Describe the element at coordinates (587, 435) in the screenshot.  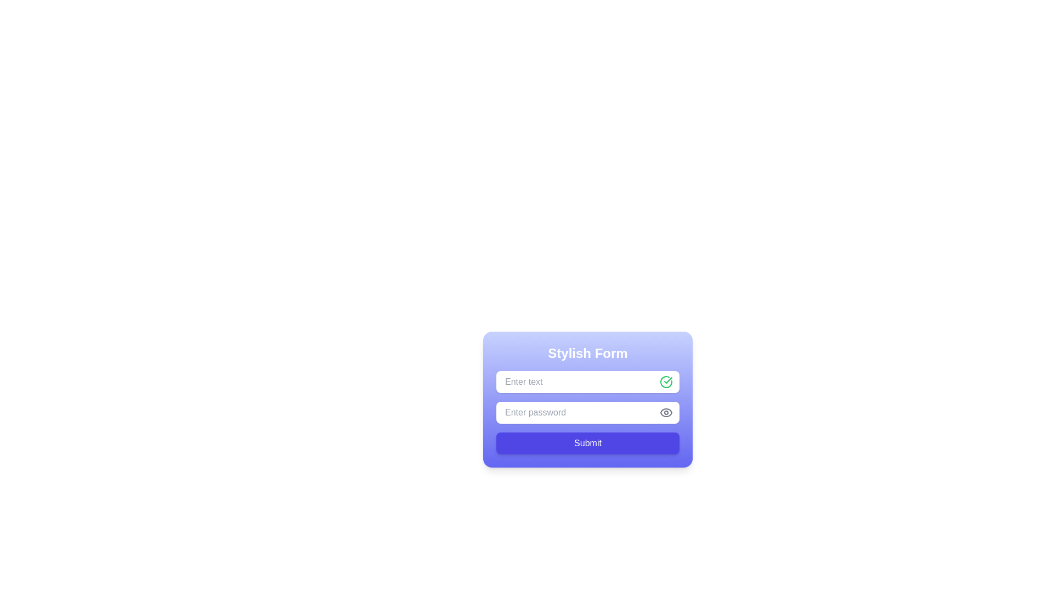
I see `the 'Submit' button, which is a rectangular button with rounded corners, vibrant blue color and white text, located at the bottom of the form layout` at that location.